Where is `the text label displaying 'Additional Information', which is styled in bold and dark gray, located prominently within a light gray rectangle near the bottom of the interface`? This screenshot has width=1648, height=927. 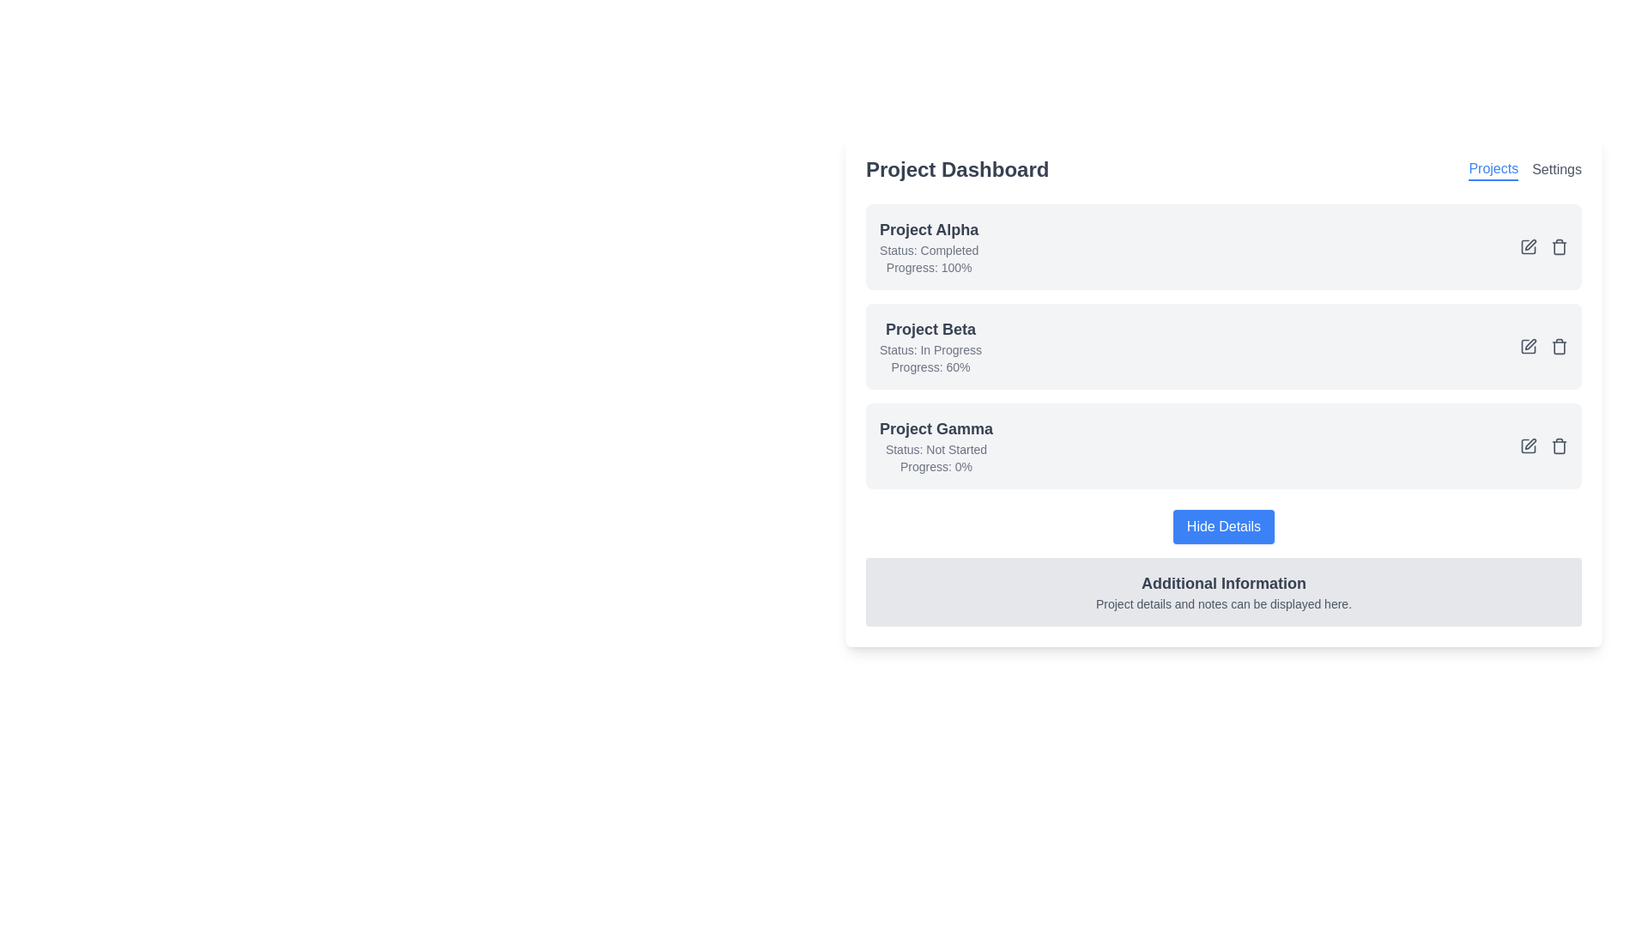 the text label displaying 'Additional Information', which is styled in bold and dark gray, located prominently within a light gray rectangle near the bottom of the interface is located at coordinates (1222, 582).